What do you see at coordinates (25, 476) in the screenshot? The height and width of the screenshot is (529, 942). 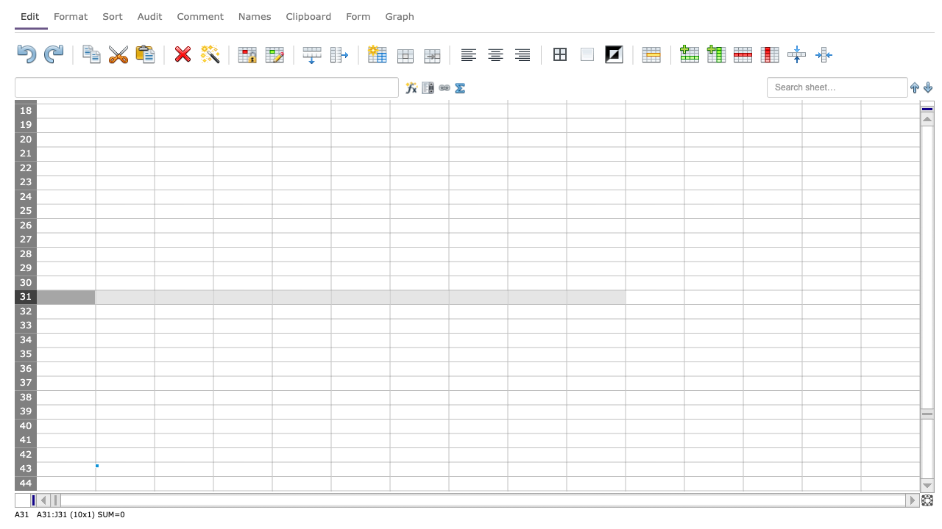 I see `the resize handle of row 43` at bounding box center [25, 476].